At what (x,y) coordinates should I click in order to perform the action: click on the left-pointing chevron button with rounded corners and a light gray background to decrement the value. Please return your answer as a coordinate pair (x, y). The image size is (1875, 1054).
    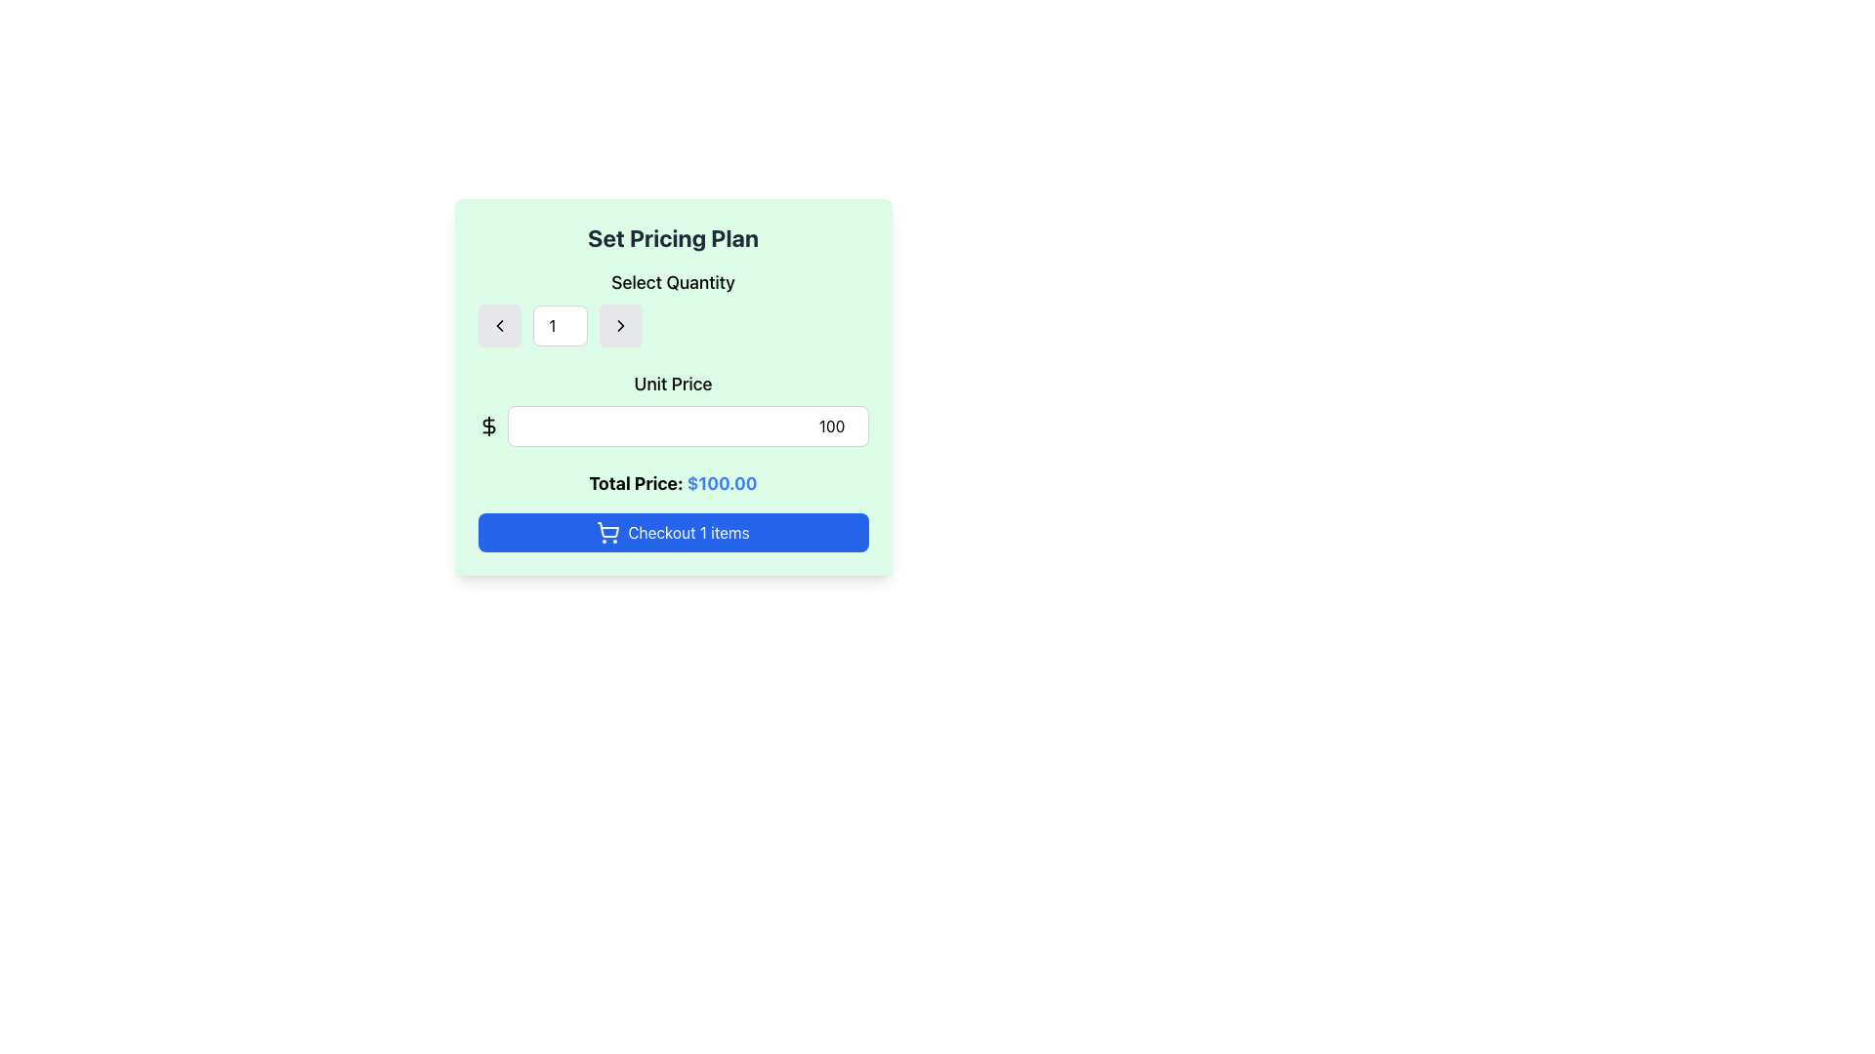
    Looking at the image, I should click on (499, 325).